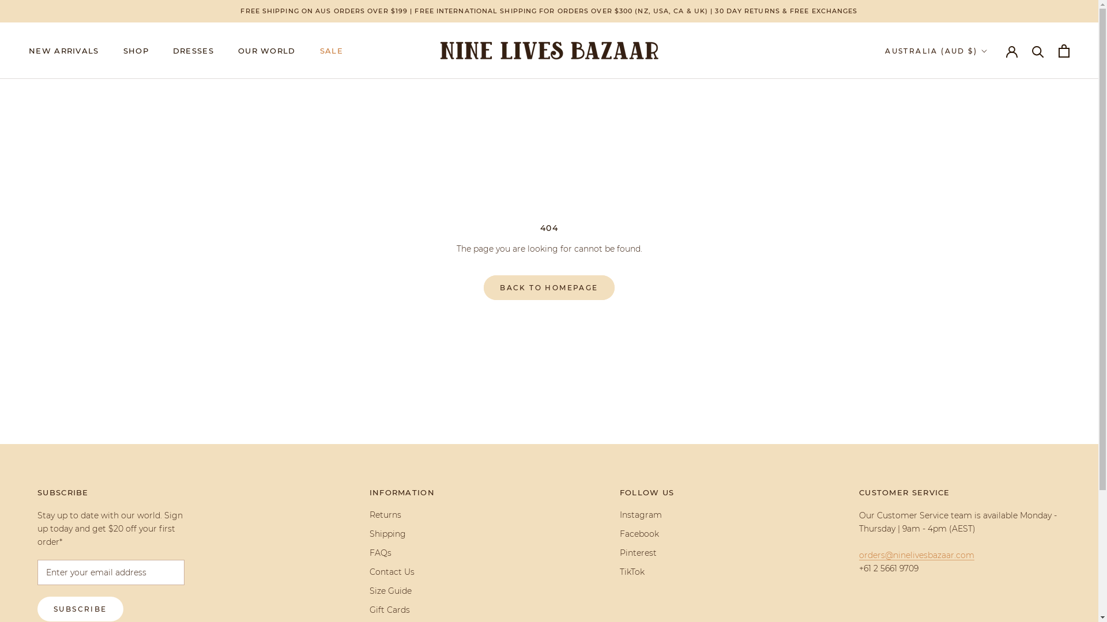 This screenshot has height=622, width=1107. What do you see at coordinates (619, 534) in the screenshot?
I see `'Facebook'` at bounding box center [619, 534].